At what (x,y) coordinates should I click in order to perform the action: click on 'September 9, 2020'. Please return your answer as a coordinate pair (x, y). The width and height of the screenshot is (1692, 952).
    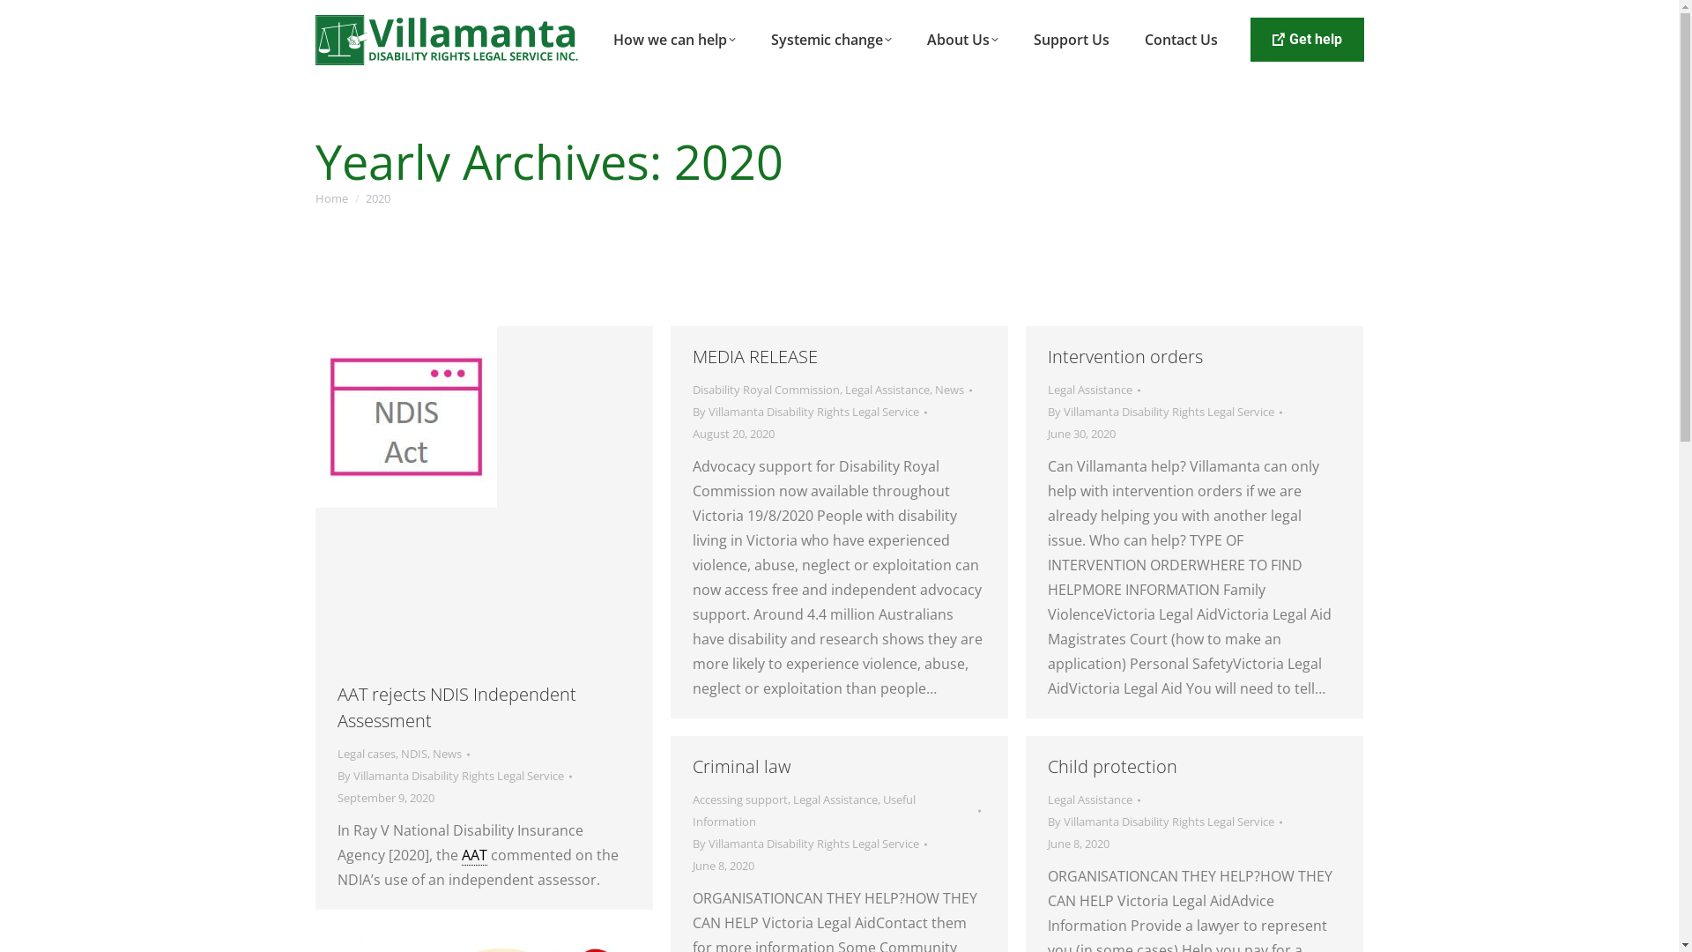
    Looking at the image, I should click on (383, 798).